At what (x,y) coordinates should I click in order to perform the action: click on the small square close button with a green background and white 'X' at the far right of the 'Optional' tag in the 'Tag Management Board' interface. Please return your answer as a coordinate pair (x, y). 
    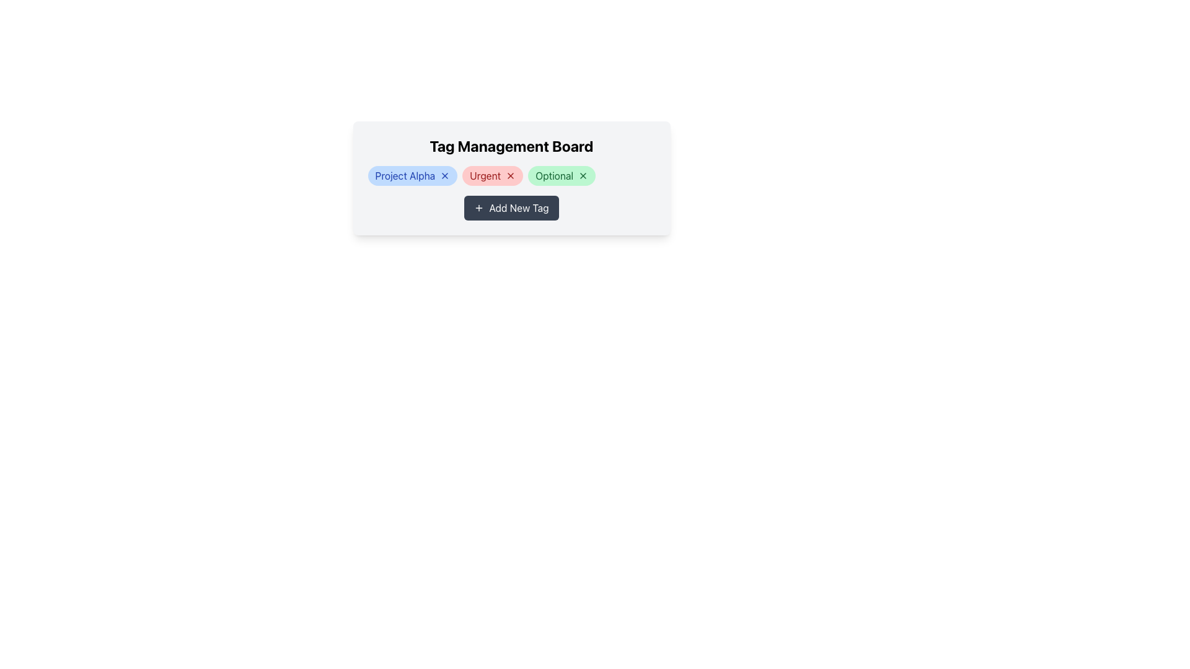
    Looking at the image, I should click on (583, 176).